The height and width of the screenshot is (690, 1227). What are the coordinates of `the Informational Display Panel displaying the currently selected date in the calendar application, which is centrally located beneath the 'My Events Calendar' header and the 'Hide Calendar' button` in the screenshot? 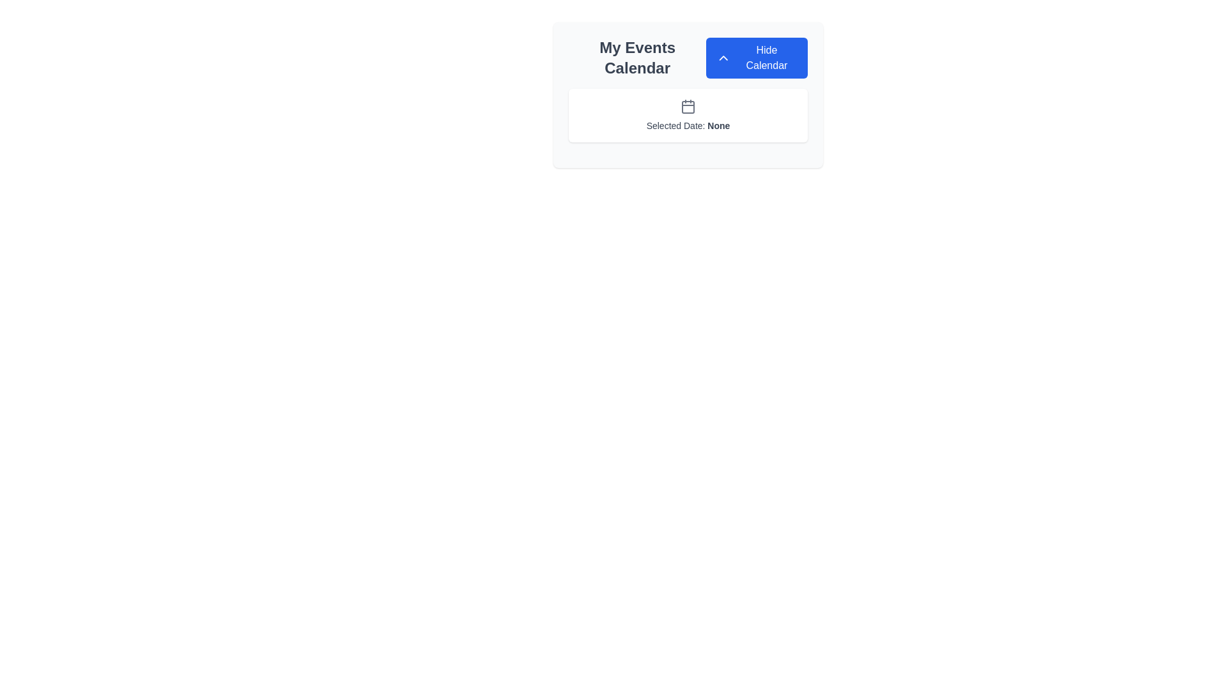 It's located at (687, 116).